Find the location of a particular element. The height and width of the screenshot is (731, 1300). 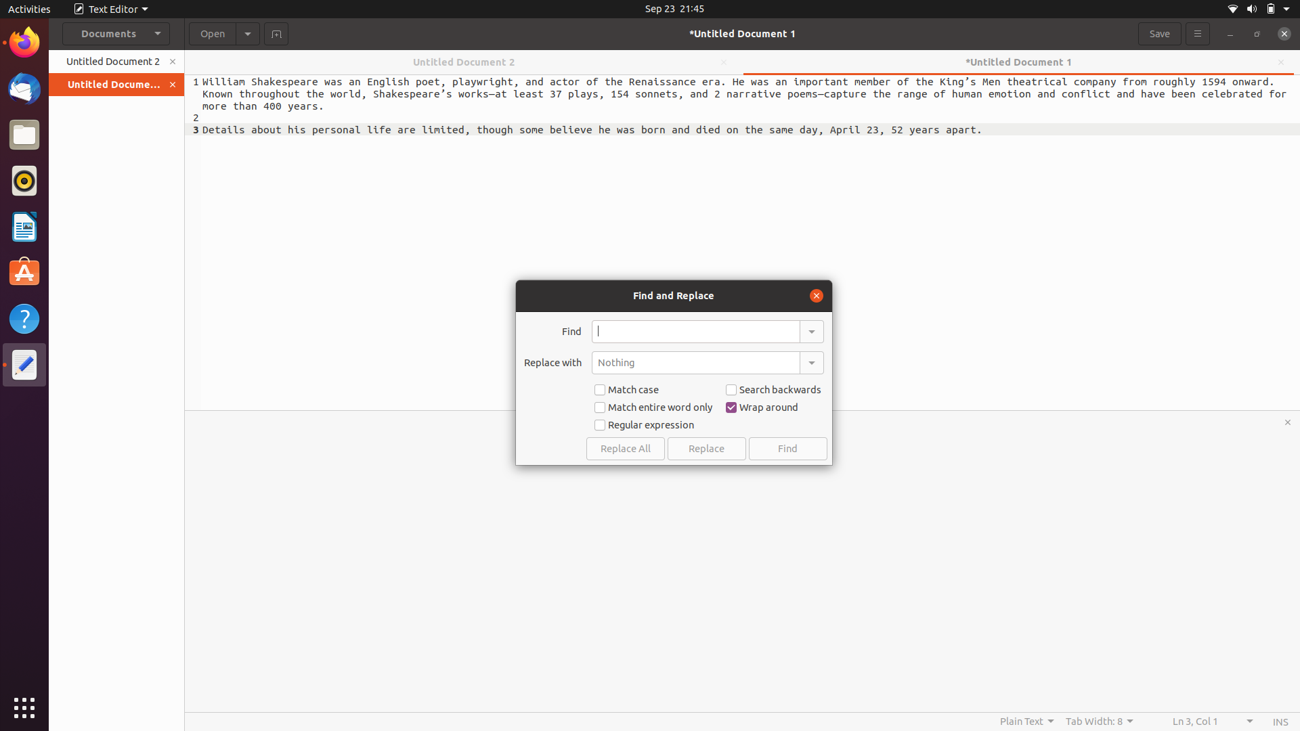

Change the primary occurrence of "important" with "prominent" in the file is located at coordinates (695, 331).